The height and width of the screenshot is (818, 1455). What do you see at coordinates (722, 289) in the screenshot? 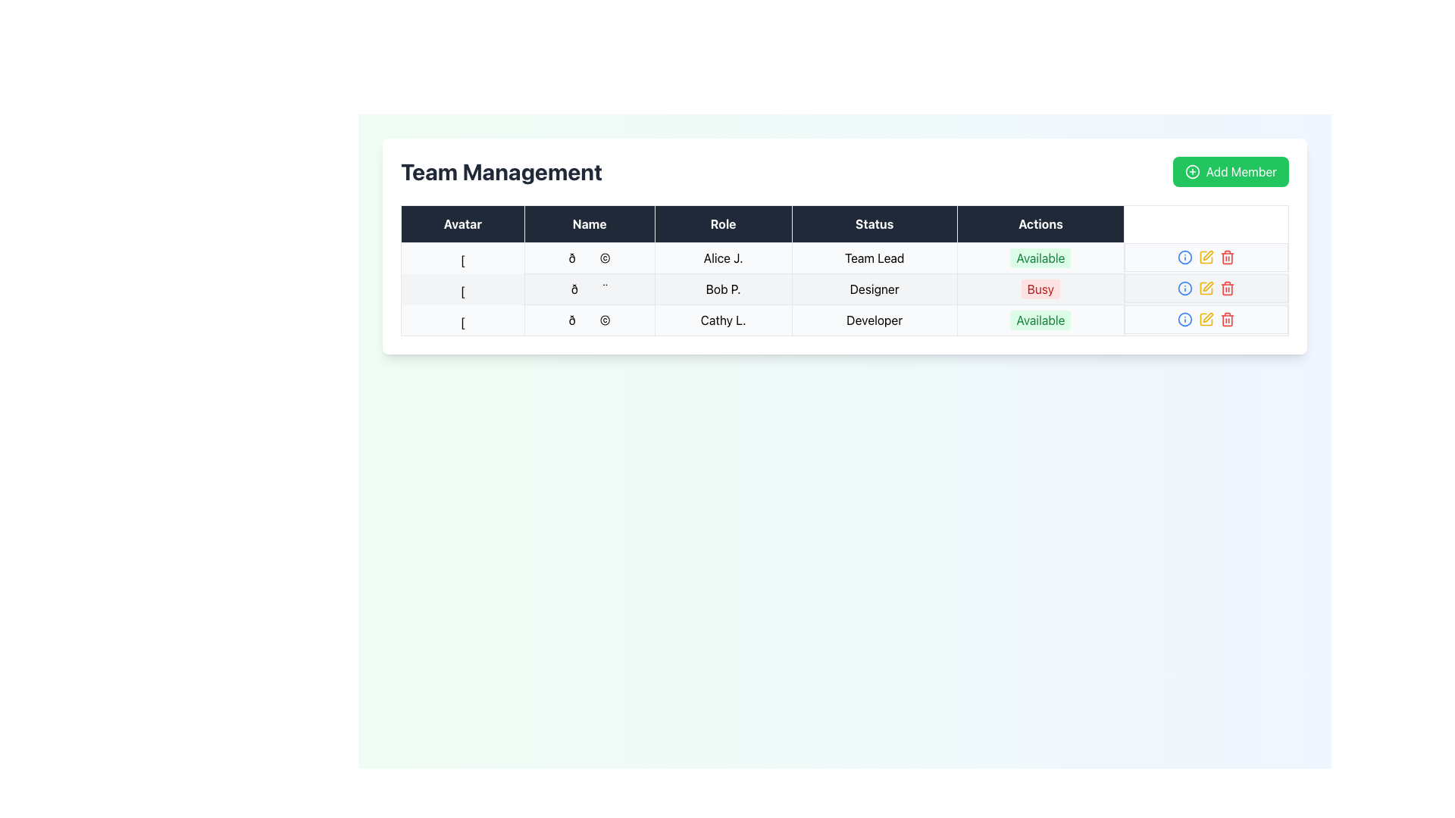
I see `the text element displaying the name 'Bob P.' in the second row of the table, located in the 'Name' column, styled with a plain black font on a white background` at bounding box center [722, 289].